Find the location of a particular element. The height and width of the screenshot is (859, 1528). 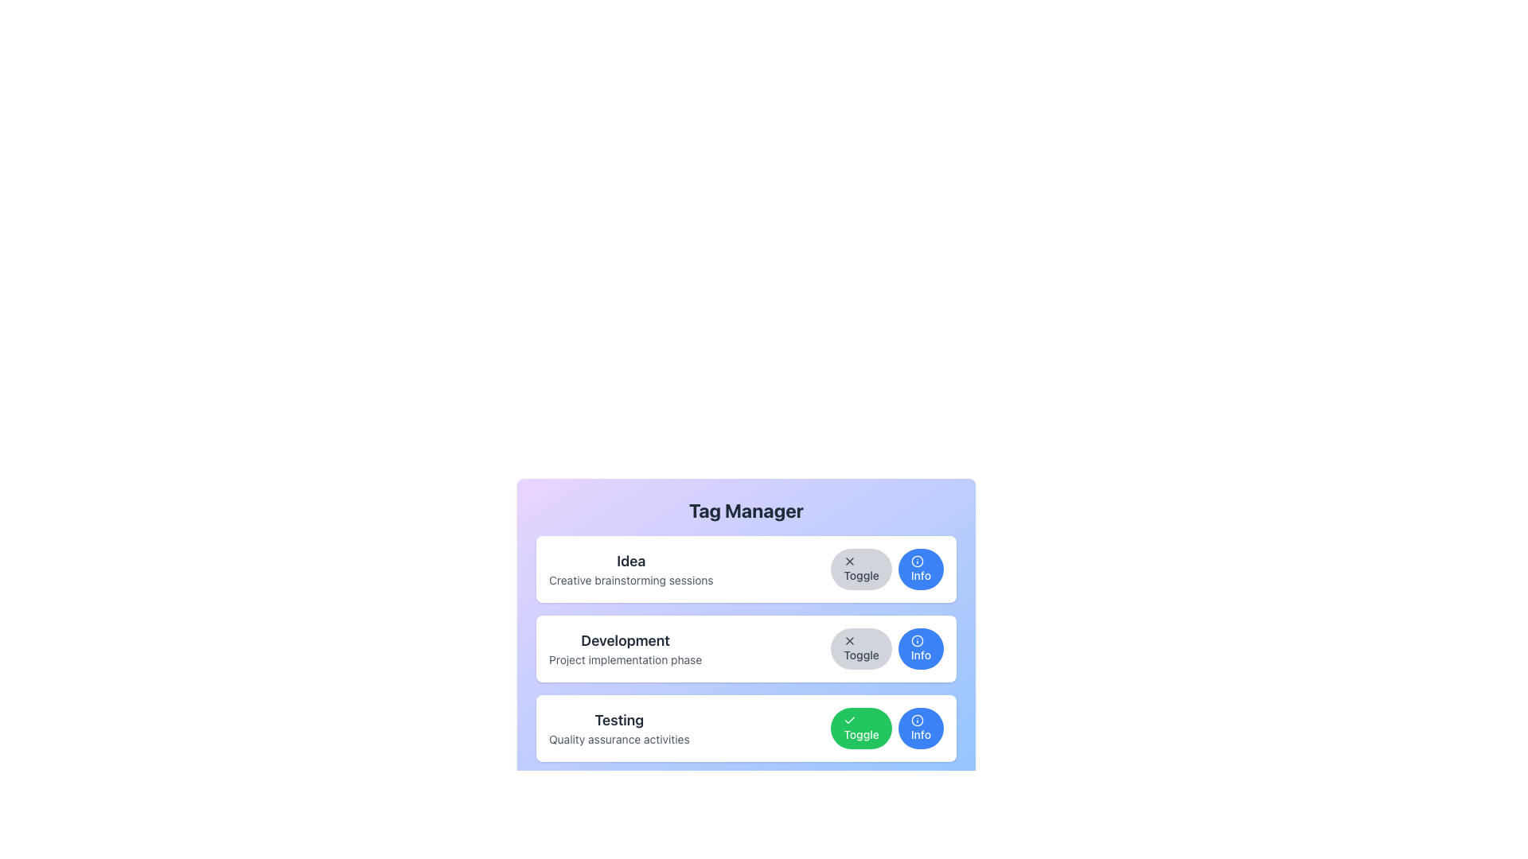

the toggle button located in the 'Idea' row of the 'Tag Manager' interface, which is the first button on the right side and to the left of the 'Info' button is located at coordinates (860, 569).